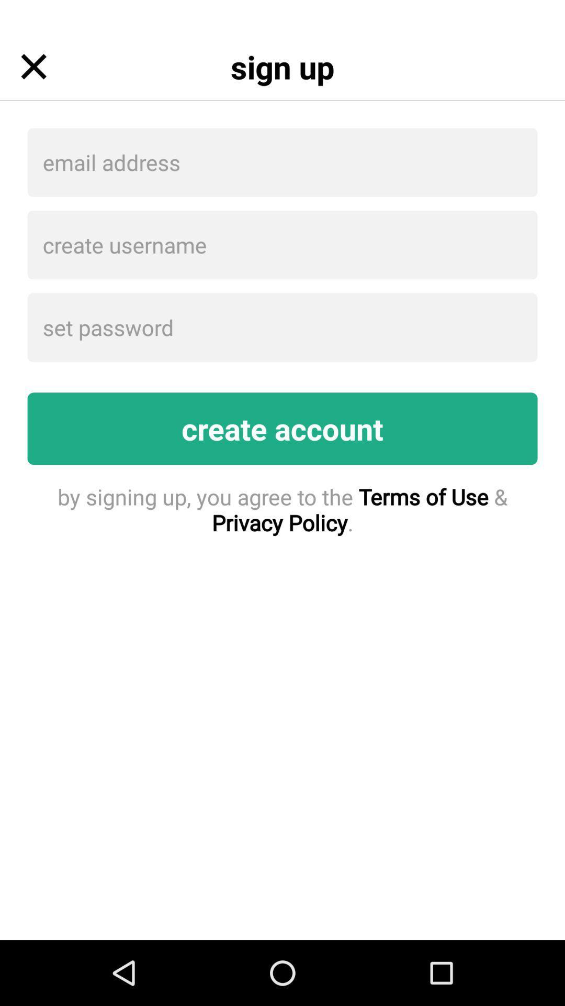  Describe the element at coordinates (33, 66) in the screenshot. I see `the item at the top left corner` at that location.